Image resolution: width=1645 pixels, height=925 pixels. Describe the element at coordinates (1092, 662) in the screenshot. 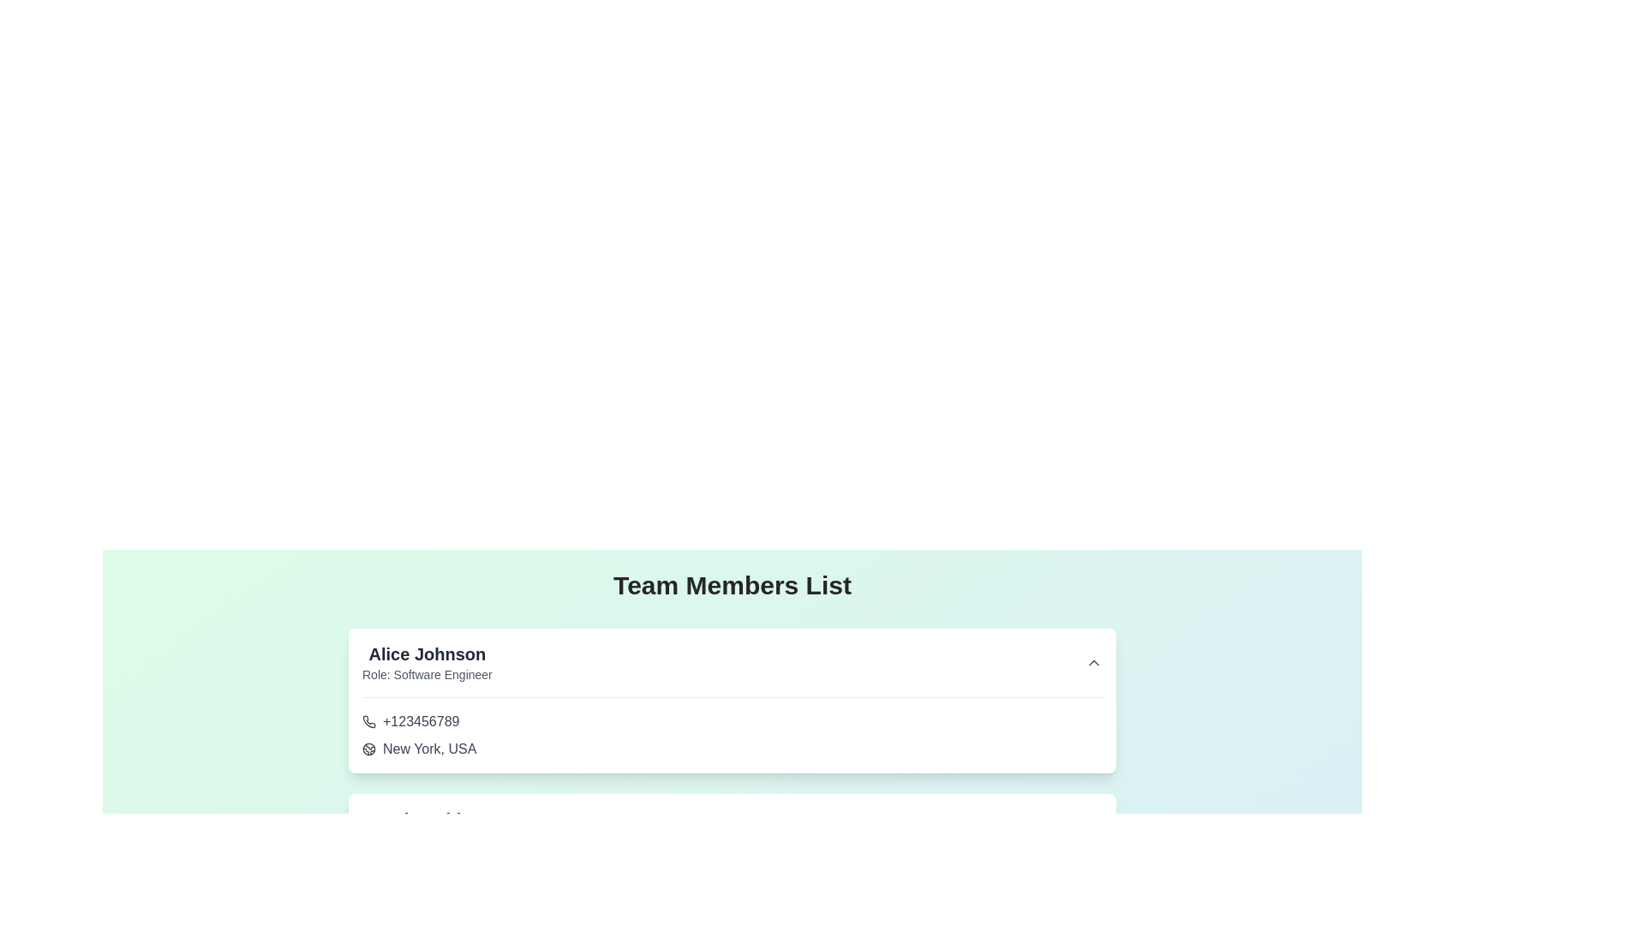

I see `the toggle button located at the top-right corner of Alice Johnson's details card` at that location.